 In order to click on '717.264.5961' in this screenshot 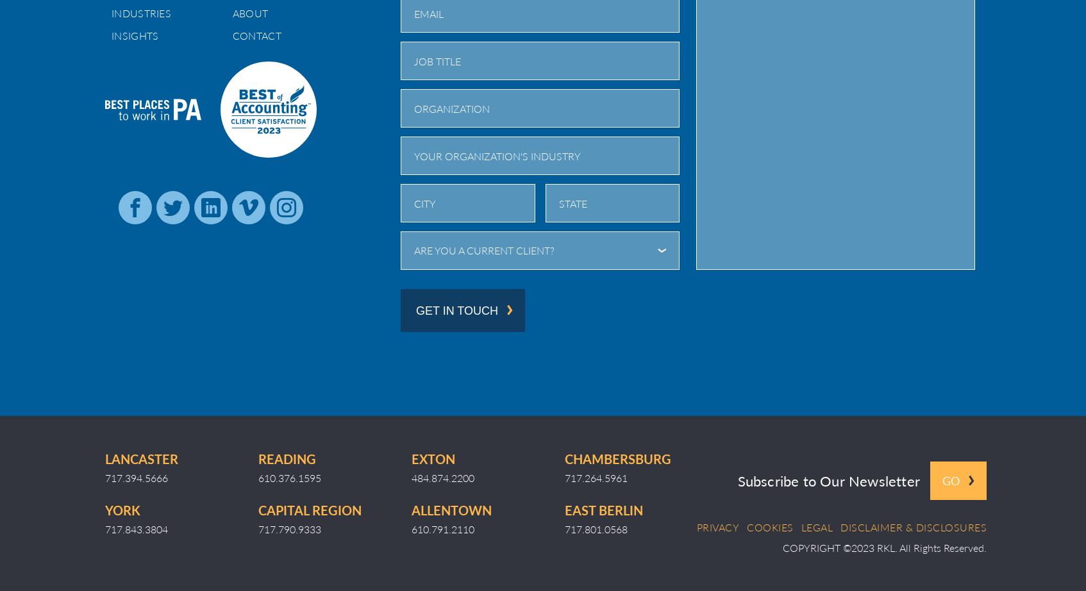, I will do `click(564, 476)`.